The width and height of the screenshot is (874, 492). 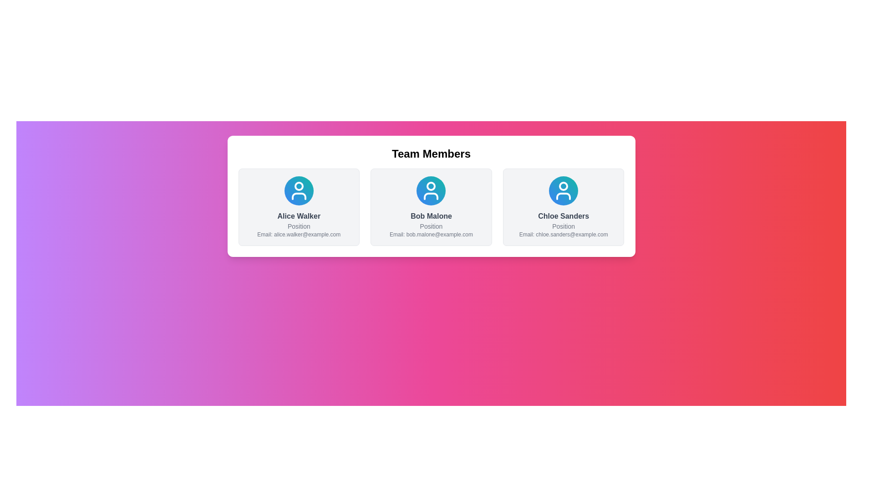 I want to click on the label displaying the name of an individual in the team member profile card, which is the second item in a horizontal row of three elements, located above the 'Position' text, so click(x=431, y=216).